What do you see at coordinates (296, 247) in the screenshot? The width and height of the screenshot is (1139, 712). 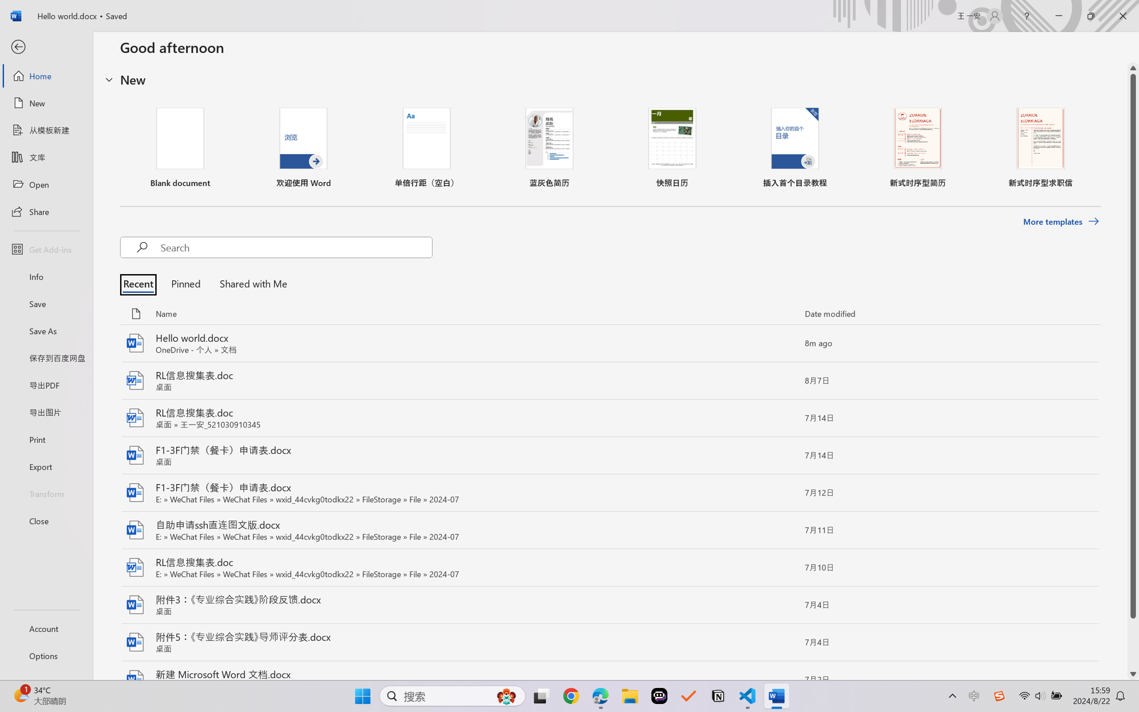 I see `'Search'` at bounding box center [296, 247].